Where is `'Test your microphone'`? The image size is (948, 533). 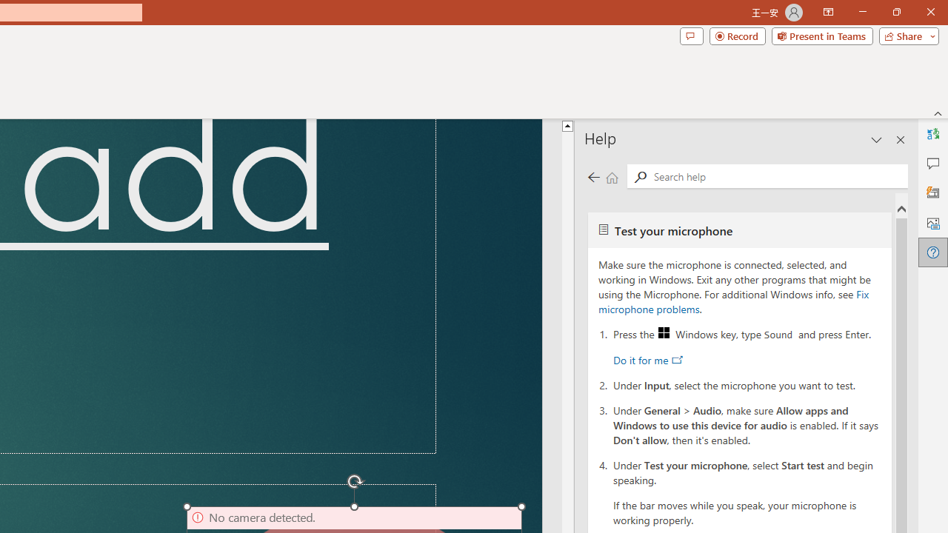
'Test your microphone' is located at coordinates (740, 230).